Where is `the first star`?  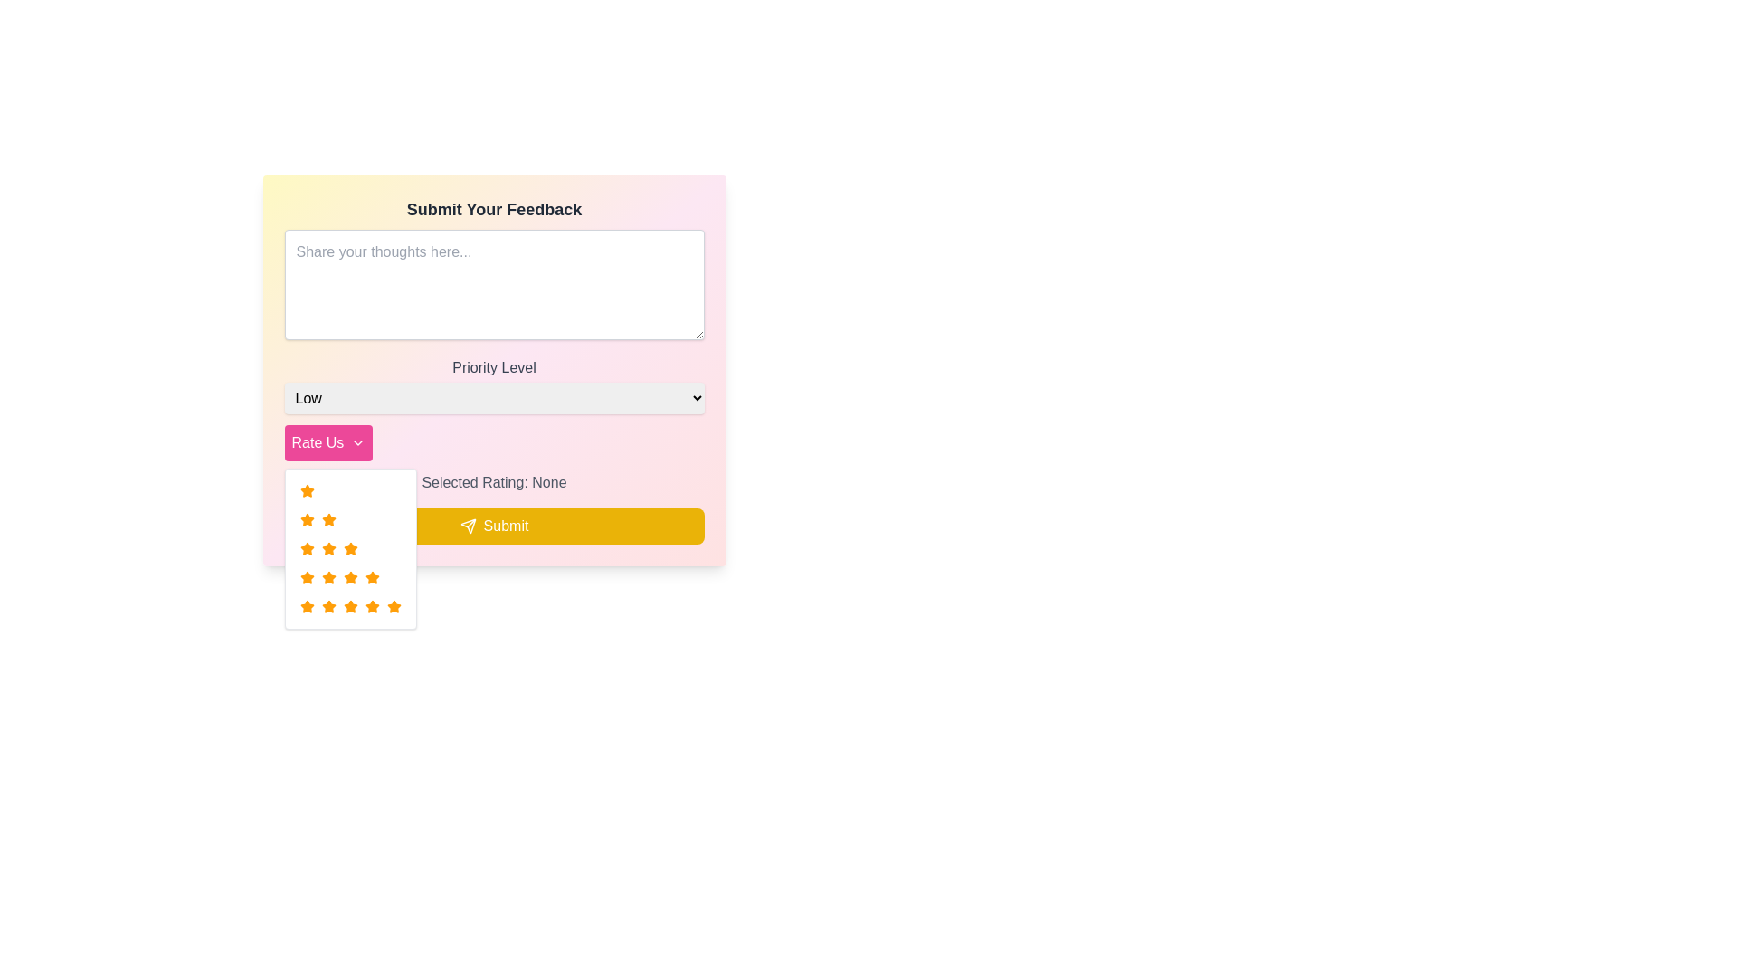 the first star is located at coordinates (328, 519).